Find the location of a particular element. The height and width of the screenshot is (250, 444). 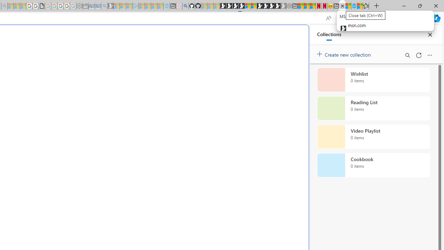

'More options menu' is located at coordinates (429, 55).